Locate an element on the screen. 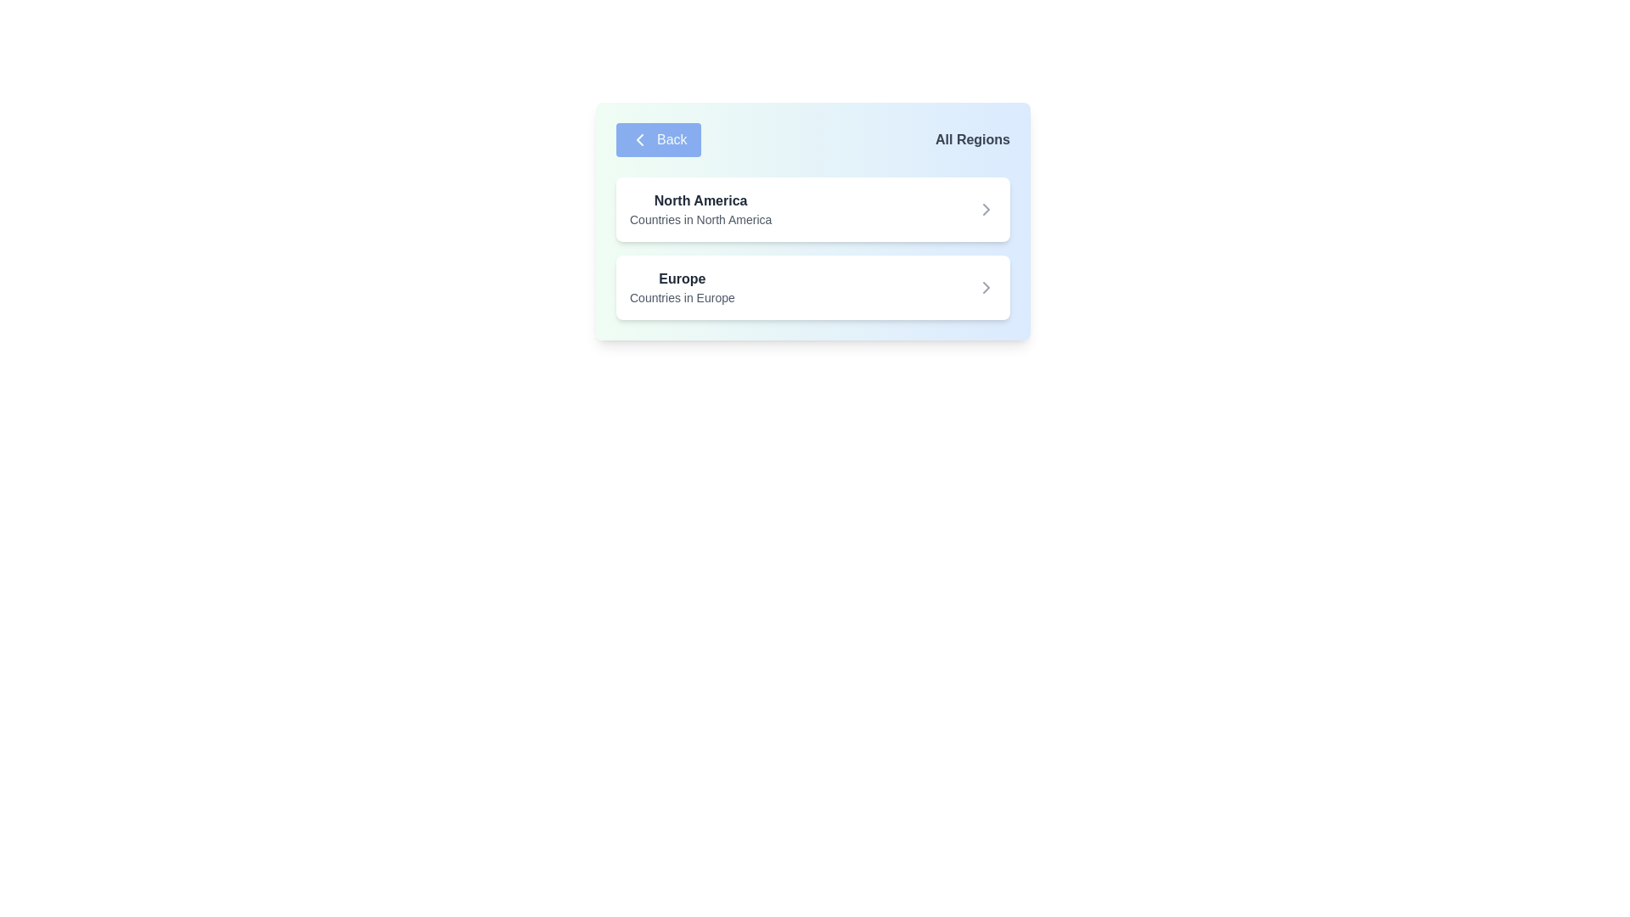  the 'Back' button located at the top-left of the interface is located at coordinates (657, 139).